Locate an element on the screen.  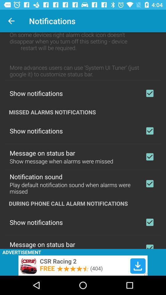
box is located at coordinates (149, 93).